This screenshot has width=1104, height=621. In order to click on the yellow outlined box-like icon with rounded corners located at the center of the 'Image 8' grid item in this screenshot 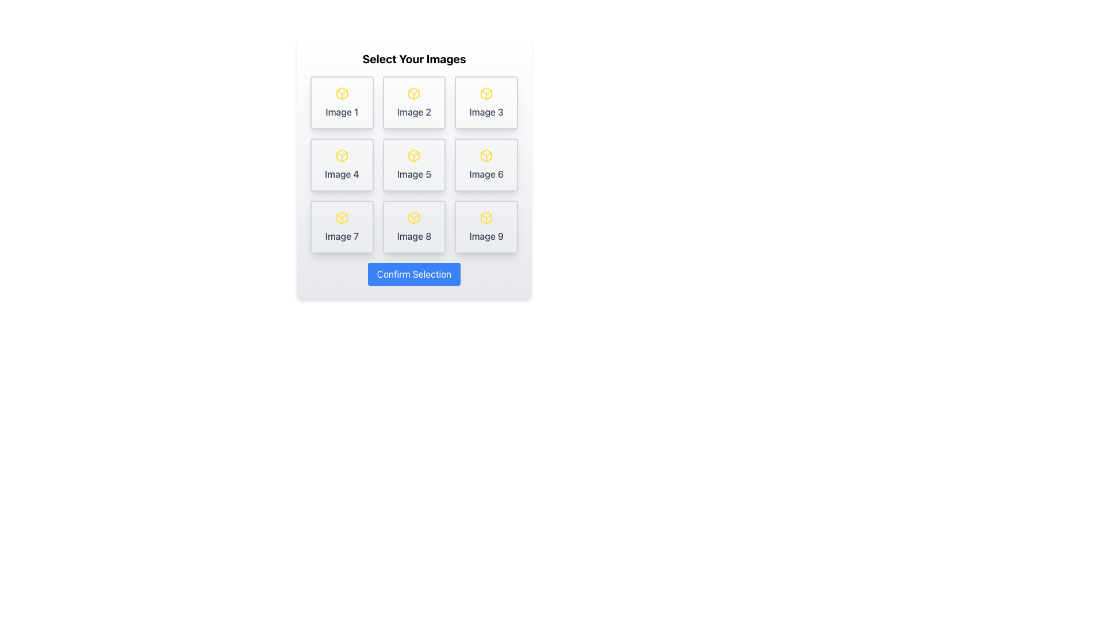, I will do `click(414, 217)`.